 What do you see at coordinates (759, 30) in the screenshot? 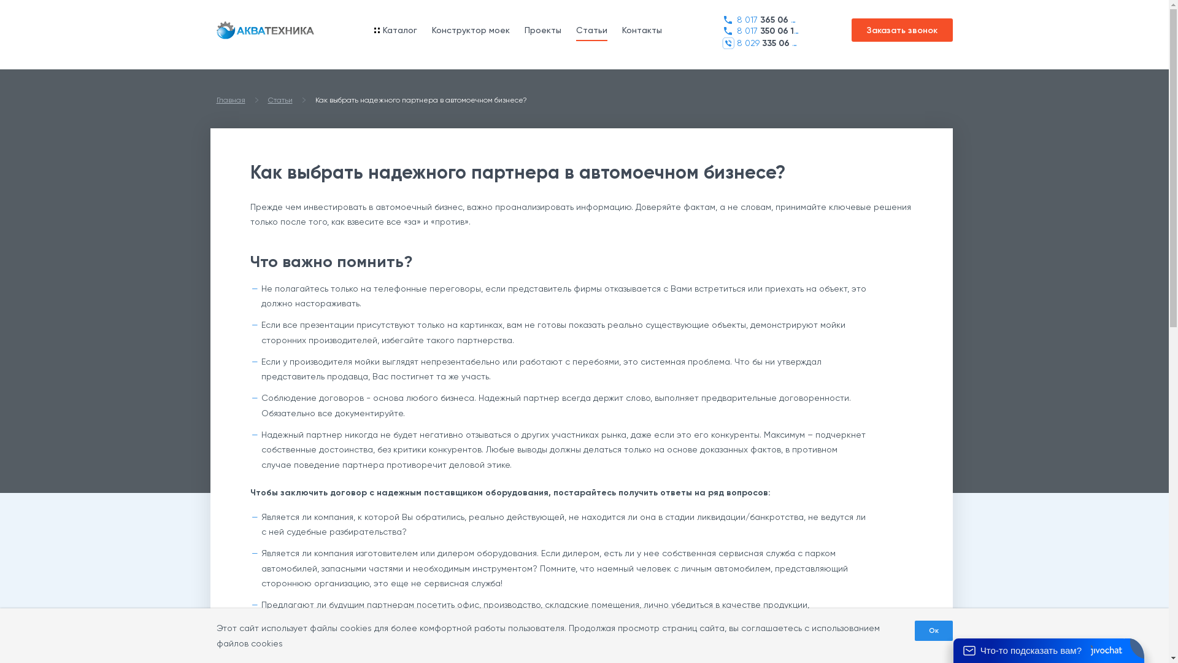
I see `'8 017 350 06 16'` at bounding box center [759, 30].